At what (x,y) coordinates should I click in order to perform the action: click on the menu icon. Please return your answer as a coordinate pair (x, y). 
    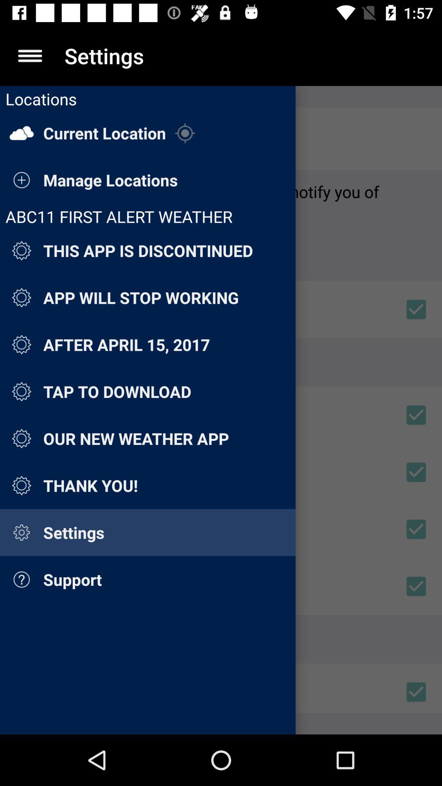
    Looking at the image, I should click on (29, 55).